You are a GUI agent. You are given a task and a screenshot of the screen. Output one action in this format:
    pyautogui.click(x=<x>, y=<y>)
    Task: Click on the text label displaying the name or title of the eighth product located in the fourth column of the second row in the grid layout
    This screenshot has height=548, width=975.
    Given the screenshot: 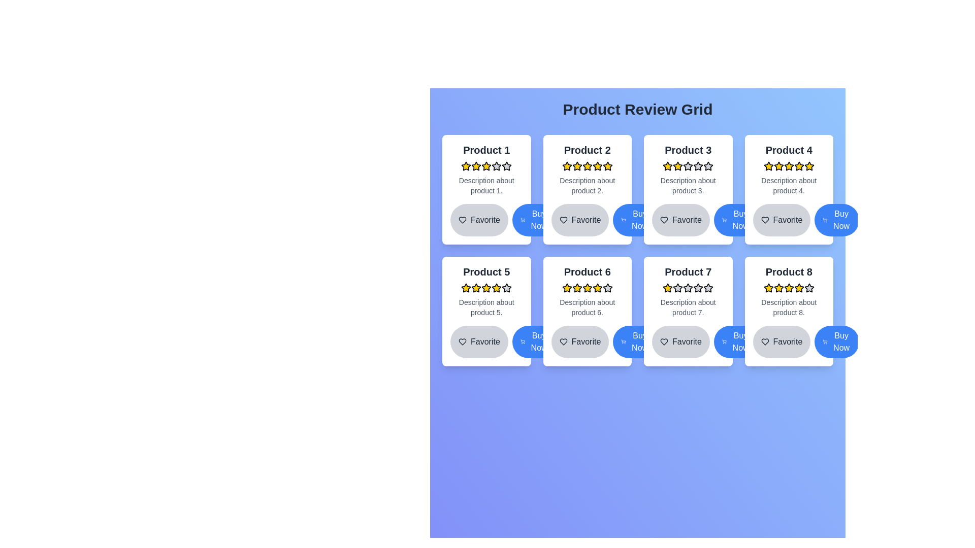 What is the action you would take?
    pyautogui.click(x=788, y=271)
    